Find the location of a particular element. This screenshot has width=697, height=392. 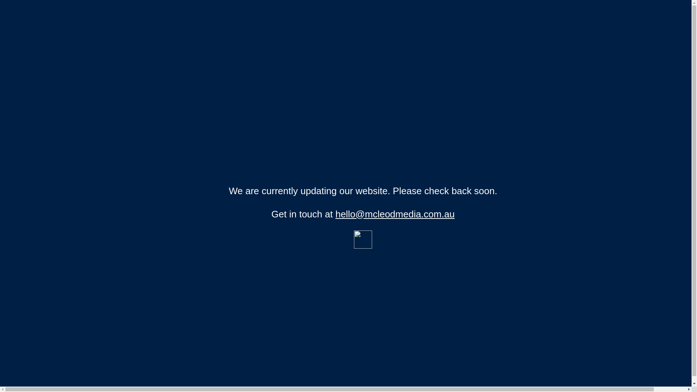

'hello@mcleodmedia.com.au' is located at coordinates (395, 213).